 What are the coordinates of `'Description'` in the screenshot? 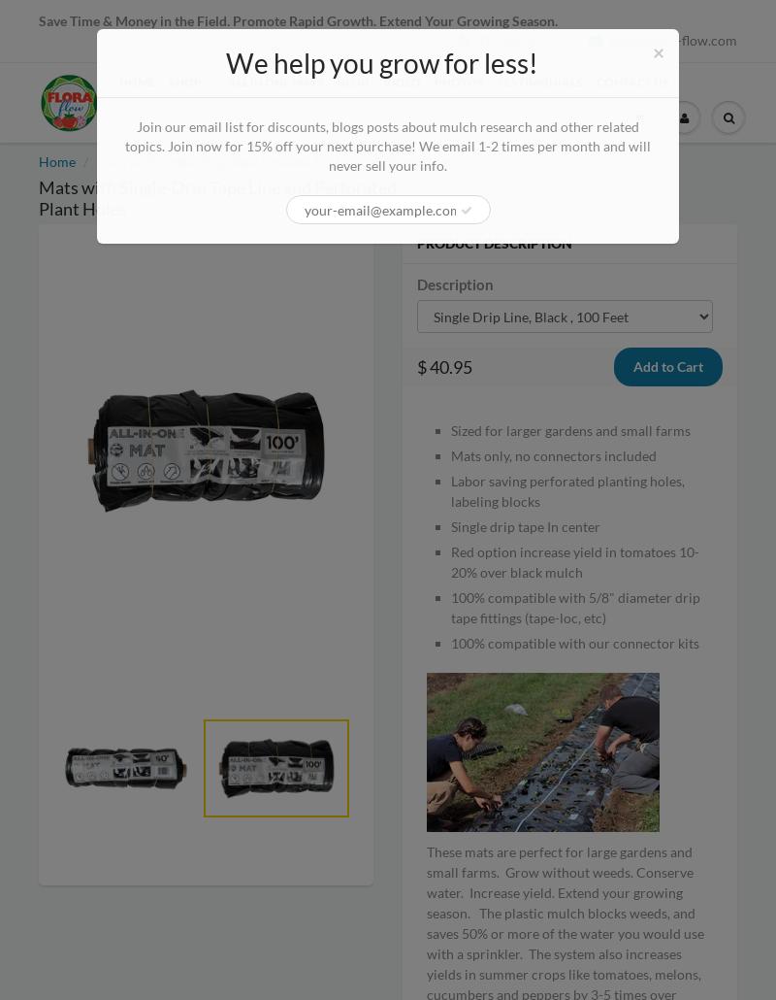 It's located at (455, 283).